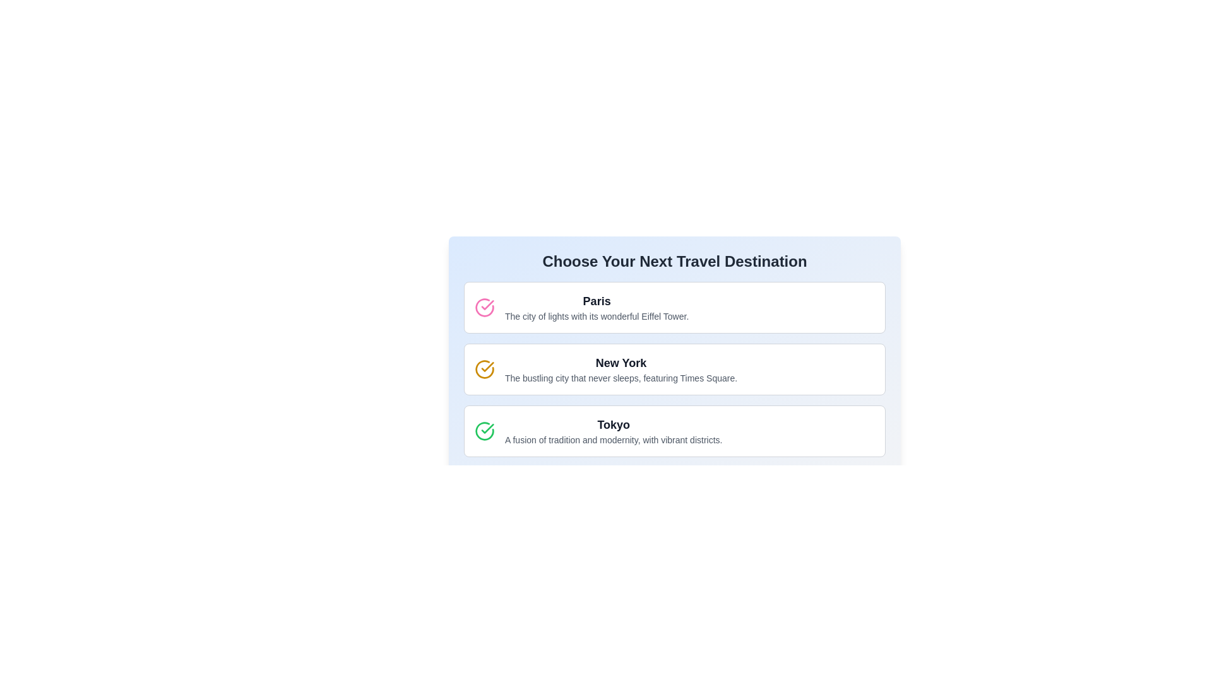 Image resolution: width=1212 pixels, height=681 pixels. What do you see at coordinates (621, 378) in the screenshot?
I see `the static text element reading 'The bustling city that never sleeps, featuring Times Square,' which is styled in gray and positioned below the title 'New York' in the second card of destination options` at bounding box center [621, 378].